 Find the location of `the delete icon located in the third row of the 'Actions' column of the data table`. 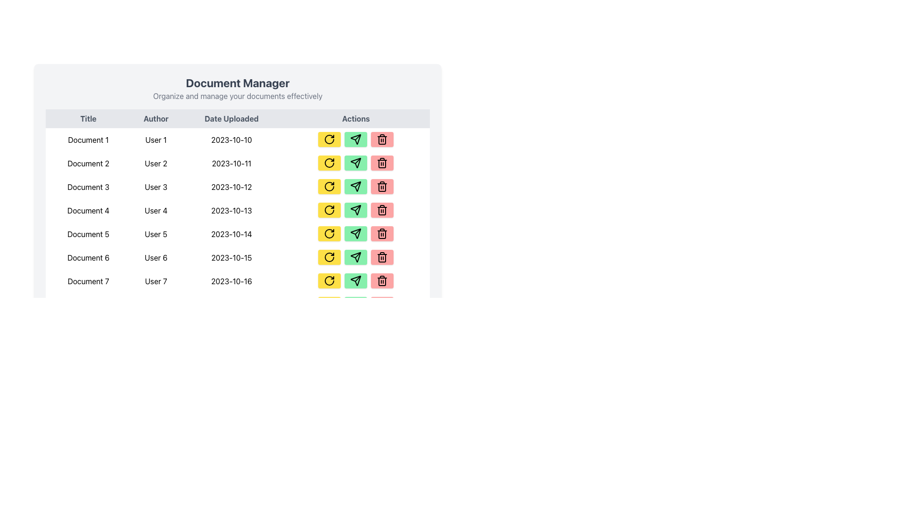

the delete icon located in the third row of the 'Actions' column of the data table is located at coordinates (382, 187).